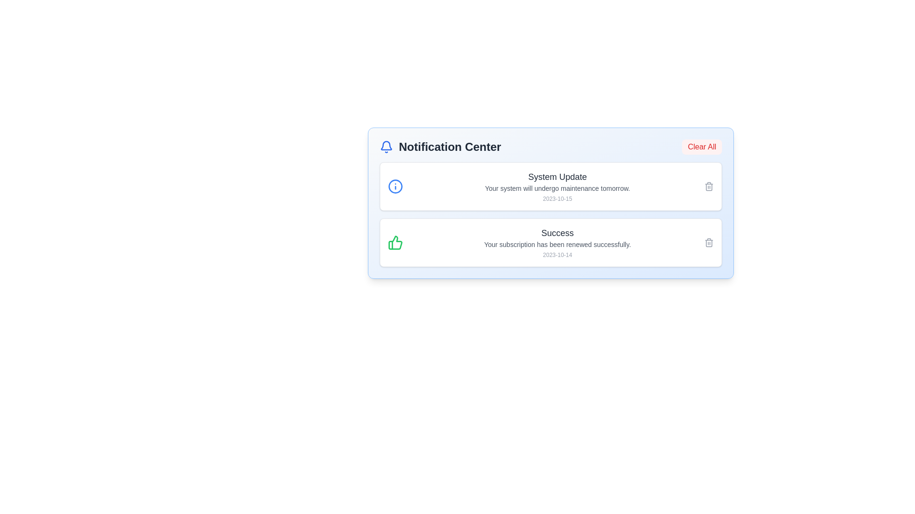 The image size is (915, 514). I want to click on the title Text label of the notification card located at the top of the notification card in the Notification Center, so click(558, 177).